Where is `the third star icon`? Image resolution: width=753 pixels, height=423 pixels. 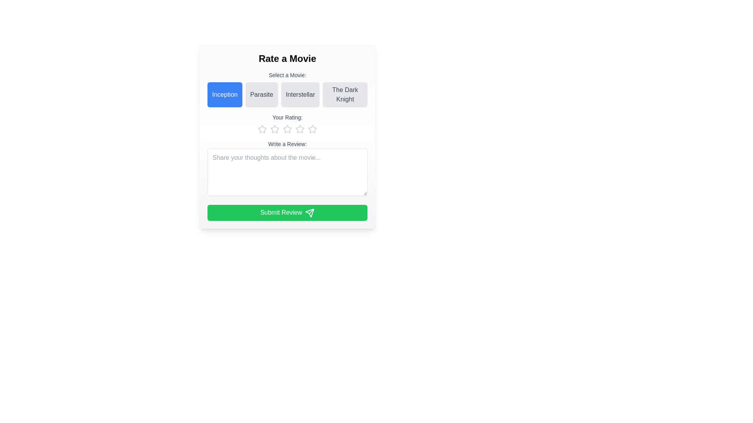
the third star icon is located at coordinates (287, 129).